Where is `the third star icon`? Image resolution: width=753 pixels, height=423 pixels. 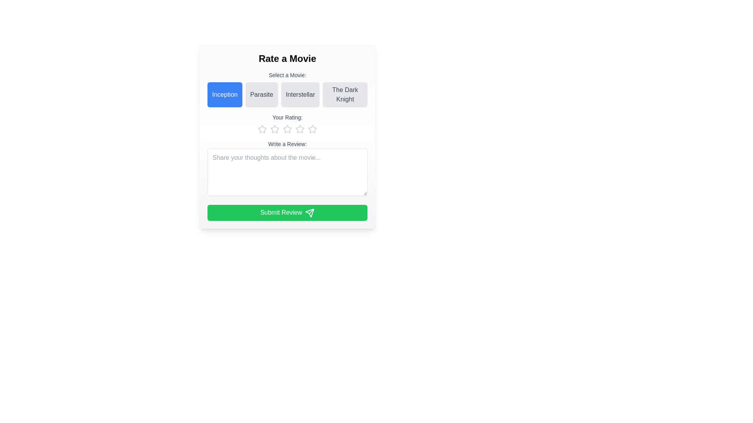
the third star icon is located at coordinates (287, 129).